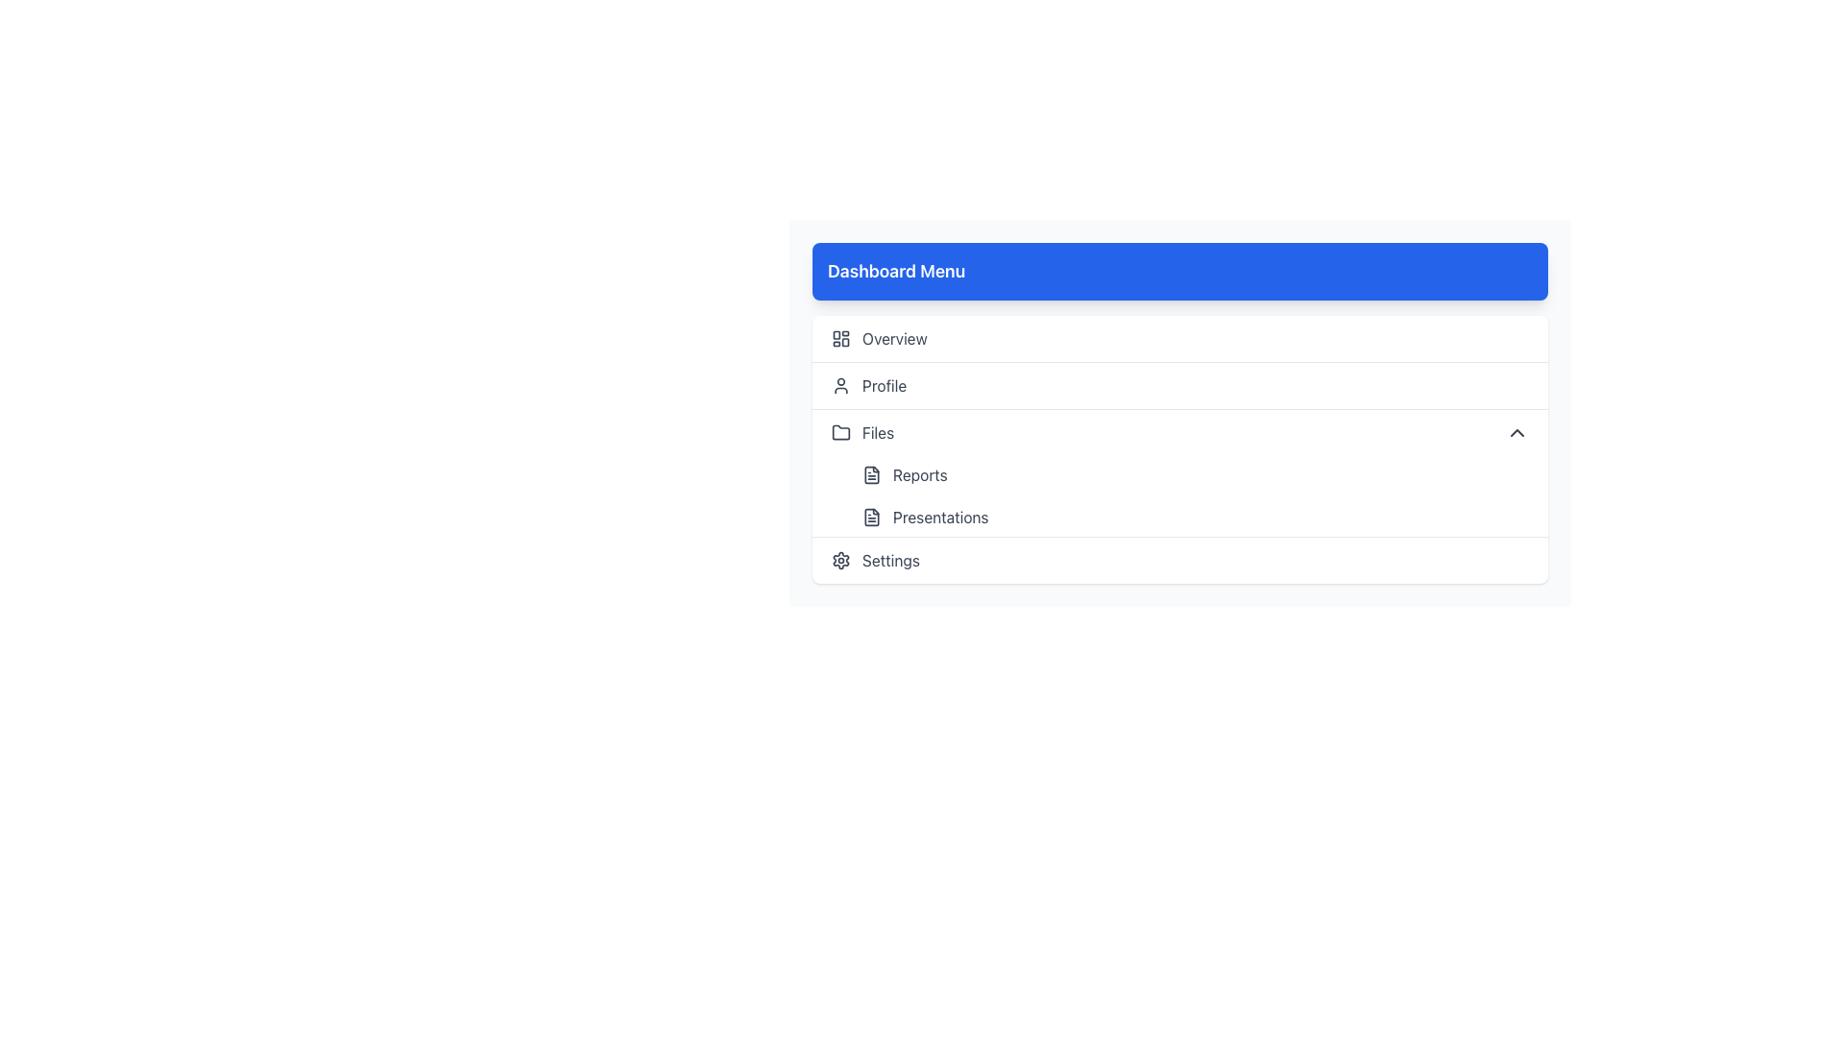 This screenshot has width=1844, height=1037. I want to click on the 'Reports' icon located to the left of the text 'Reports' in the 'Files' section of the navigation menu, so click(870, 474).